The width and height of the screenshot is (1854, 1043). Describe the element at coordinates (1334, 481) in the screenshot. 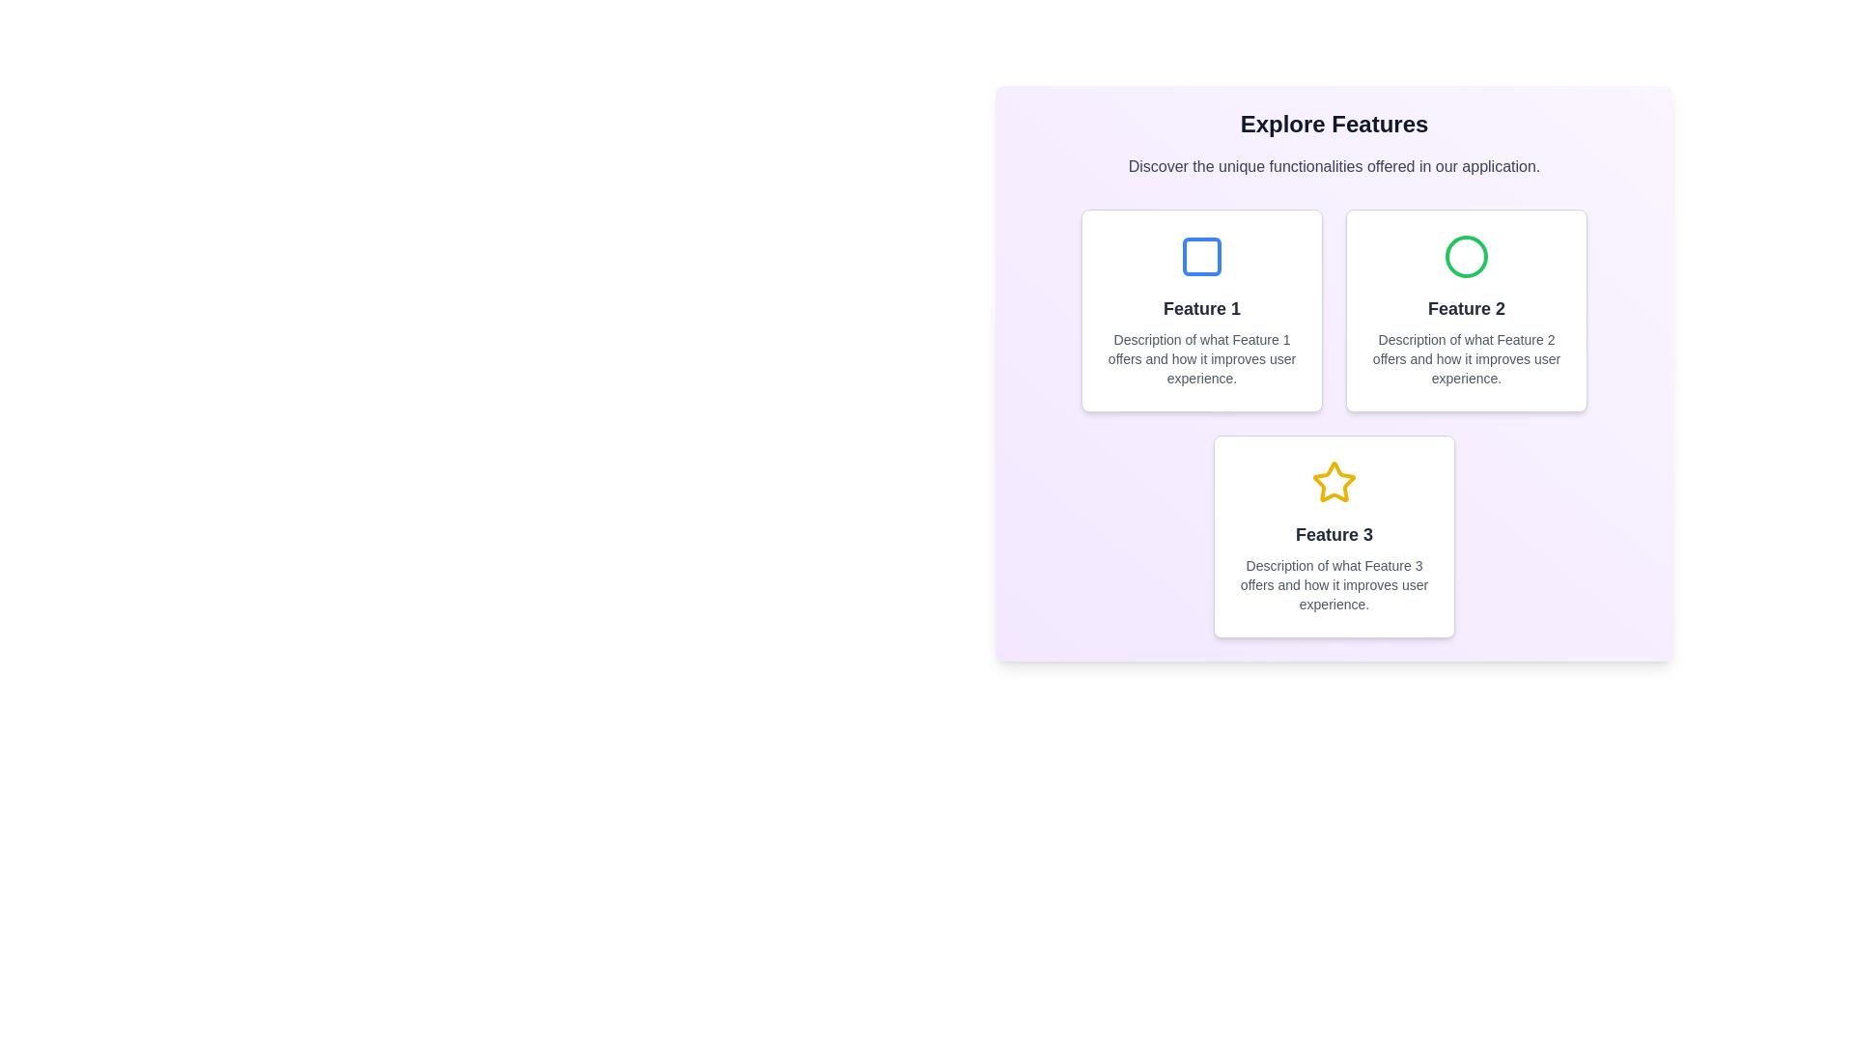

I see `the decorative icon associated with the 'Feature 3' card, located at the bottom-center of the UI layout` at that location.